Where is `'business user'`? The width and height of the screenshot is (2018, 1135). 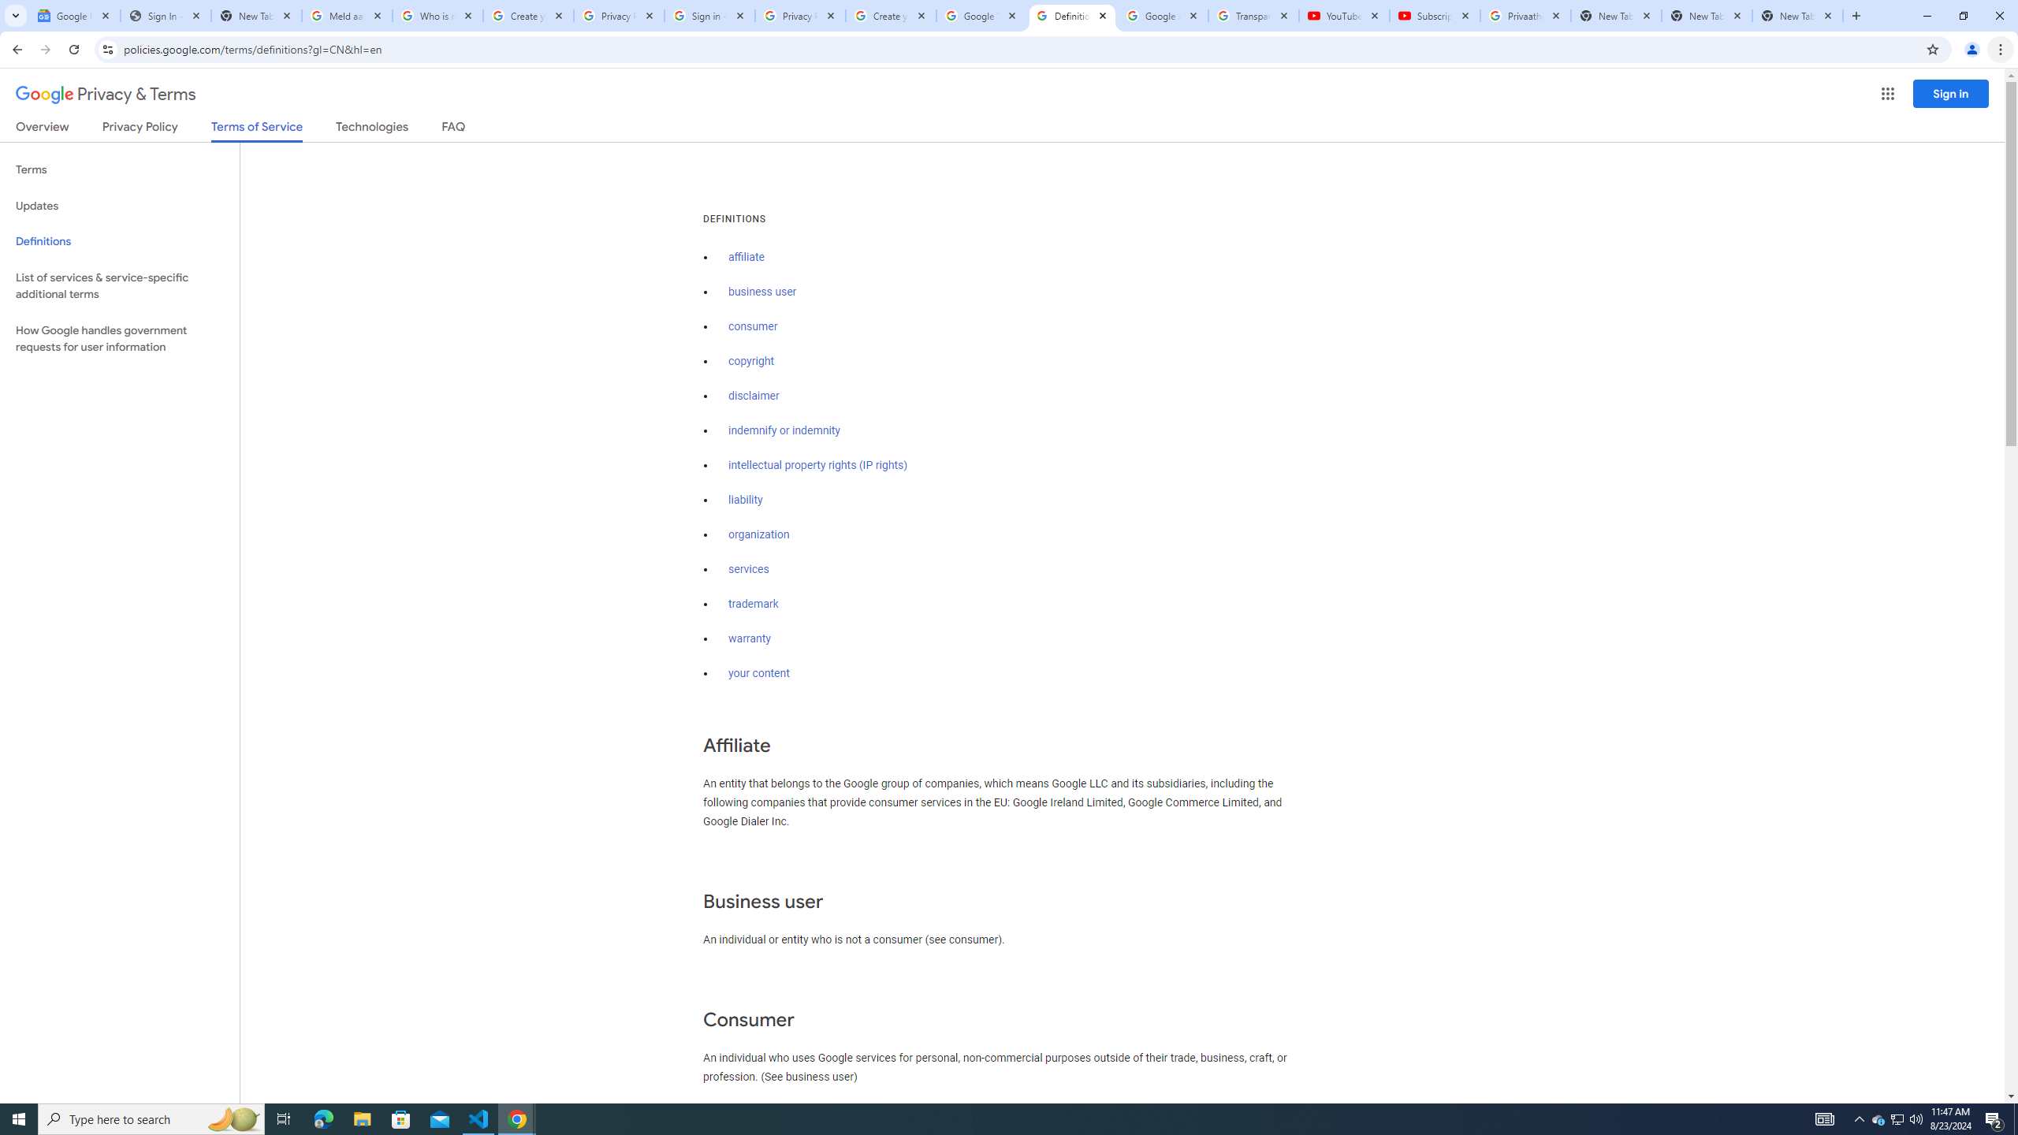
'business user' is located at coordinates (761, 291).